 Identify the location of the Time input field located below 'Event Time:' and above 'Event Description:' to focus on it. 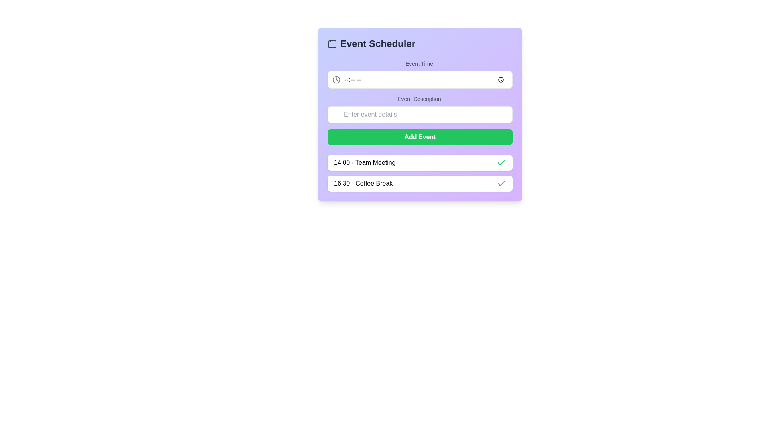
(419, 80).